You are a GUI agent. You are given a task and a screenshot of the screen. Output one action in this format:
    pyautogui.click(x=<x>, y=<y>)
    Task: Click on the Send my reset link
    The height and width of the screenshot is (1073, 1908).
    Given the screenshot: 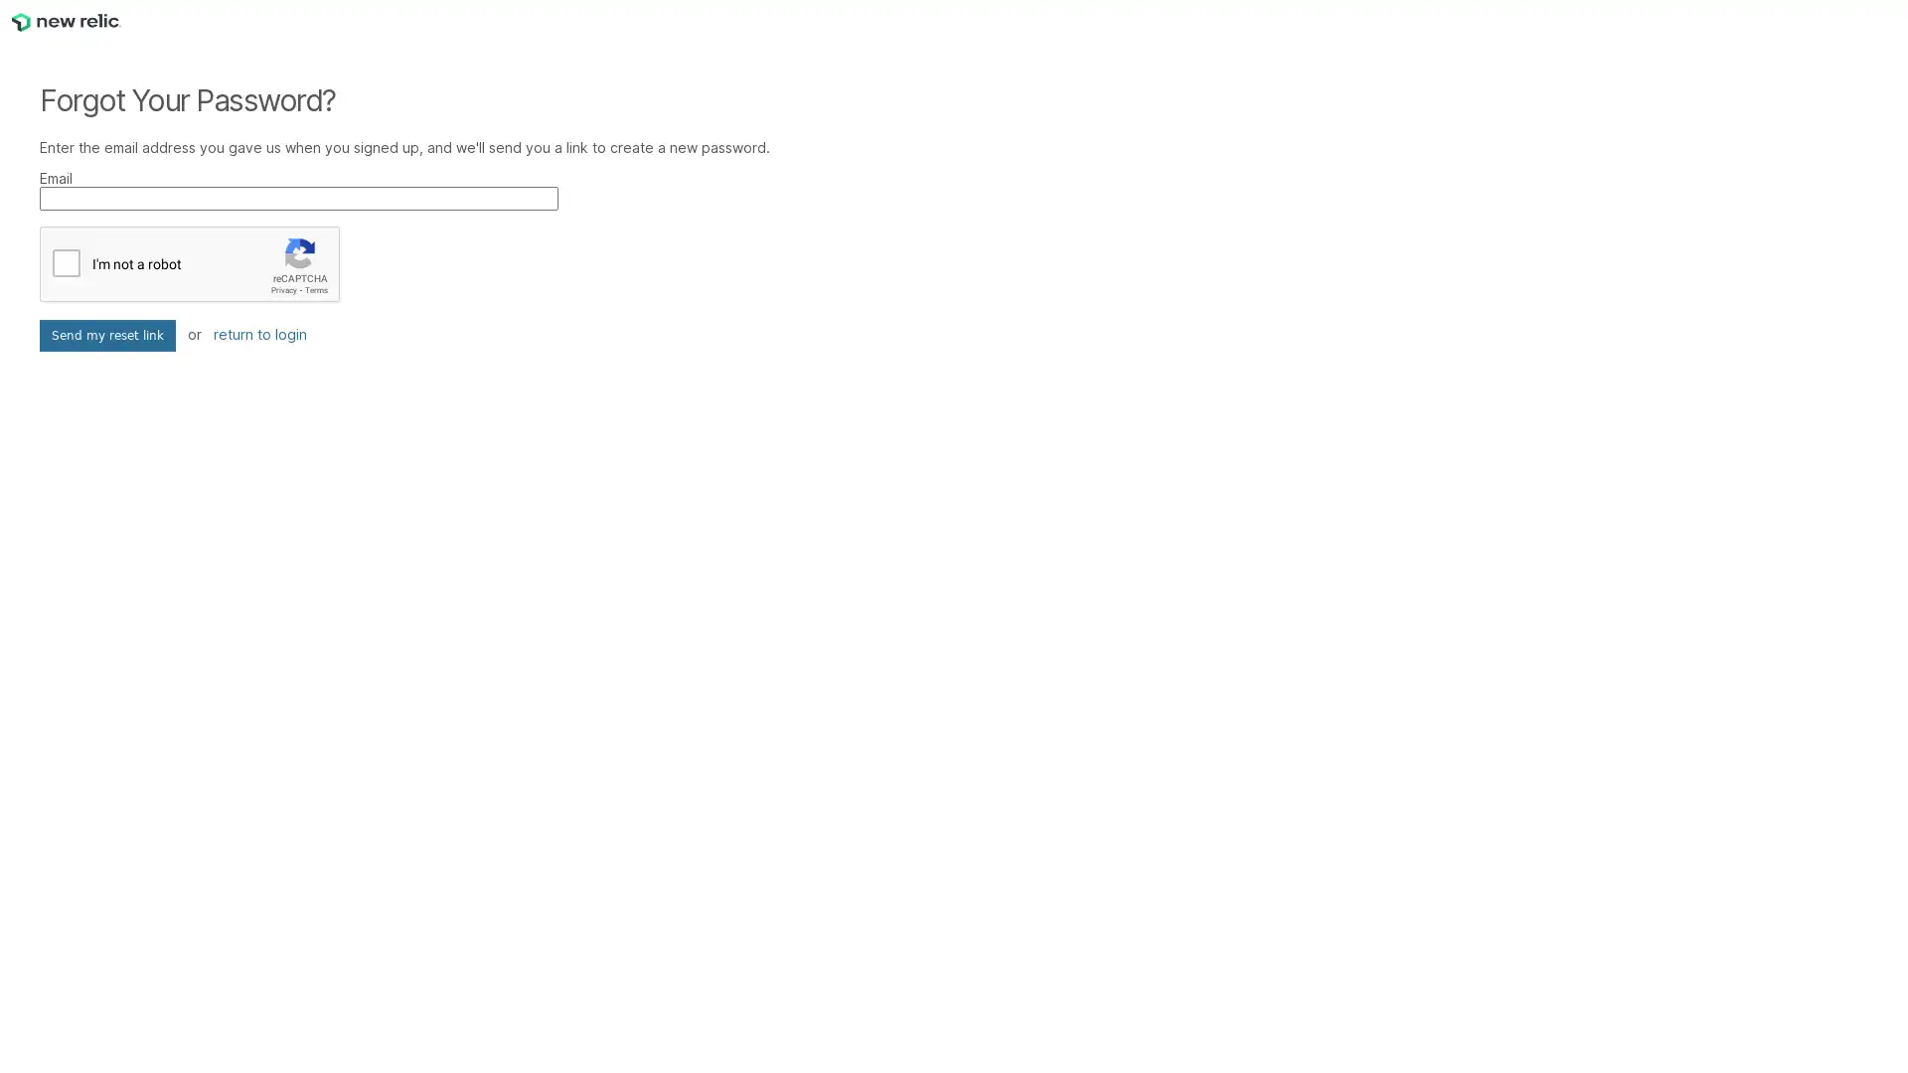 What is the action you would take?
    pyautogui.click(x=106, y=335)
    